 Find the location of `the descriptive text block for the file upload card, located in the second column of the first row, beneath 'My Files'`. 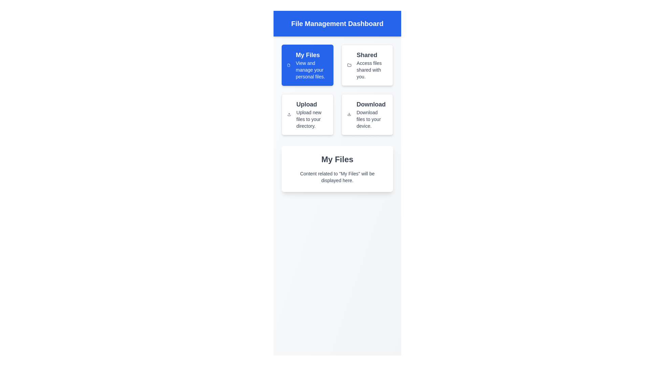

the descriptive text block for the file upload card, located in the second column of the first row, beneath 'My Files' is located at coordinates (311, 114).